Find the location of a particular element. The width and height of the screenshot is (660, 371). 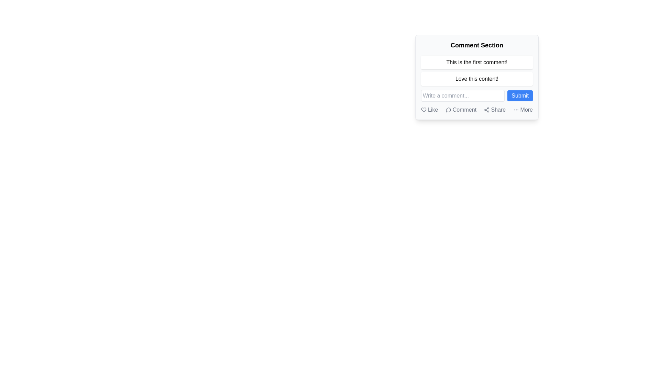

the comment icon located in the lower right corner of the comment section interface, which is part of a clickable group with the text label 'Comment' is located at coordinates (448, 110).